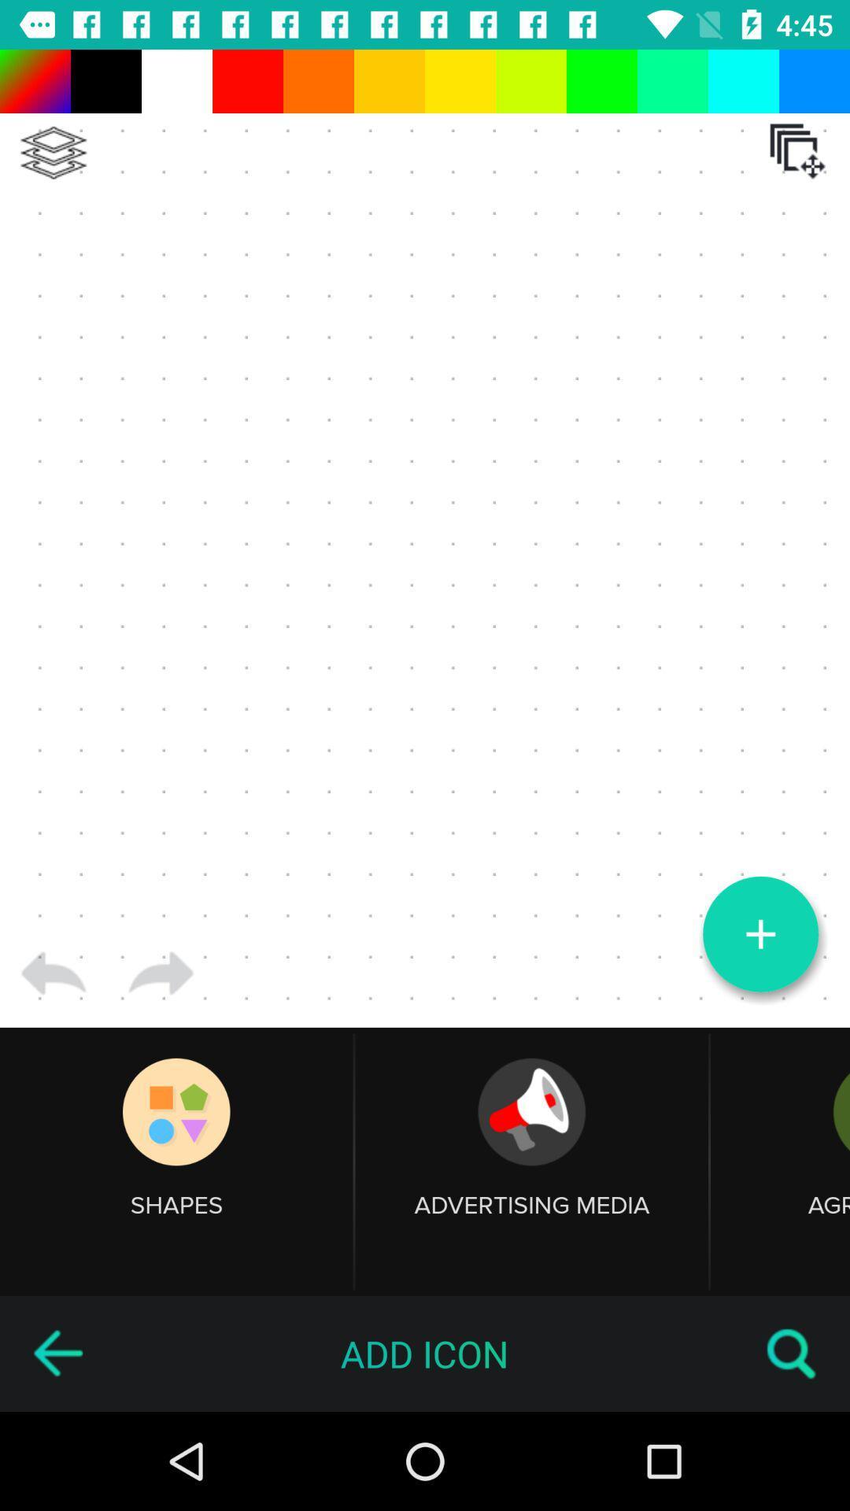  I want to click on the icon to the left of the add icon item, so click(57, 1353).